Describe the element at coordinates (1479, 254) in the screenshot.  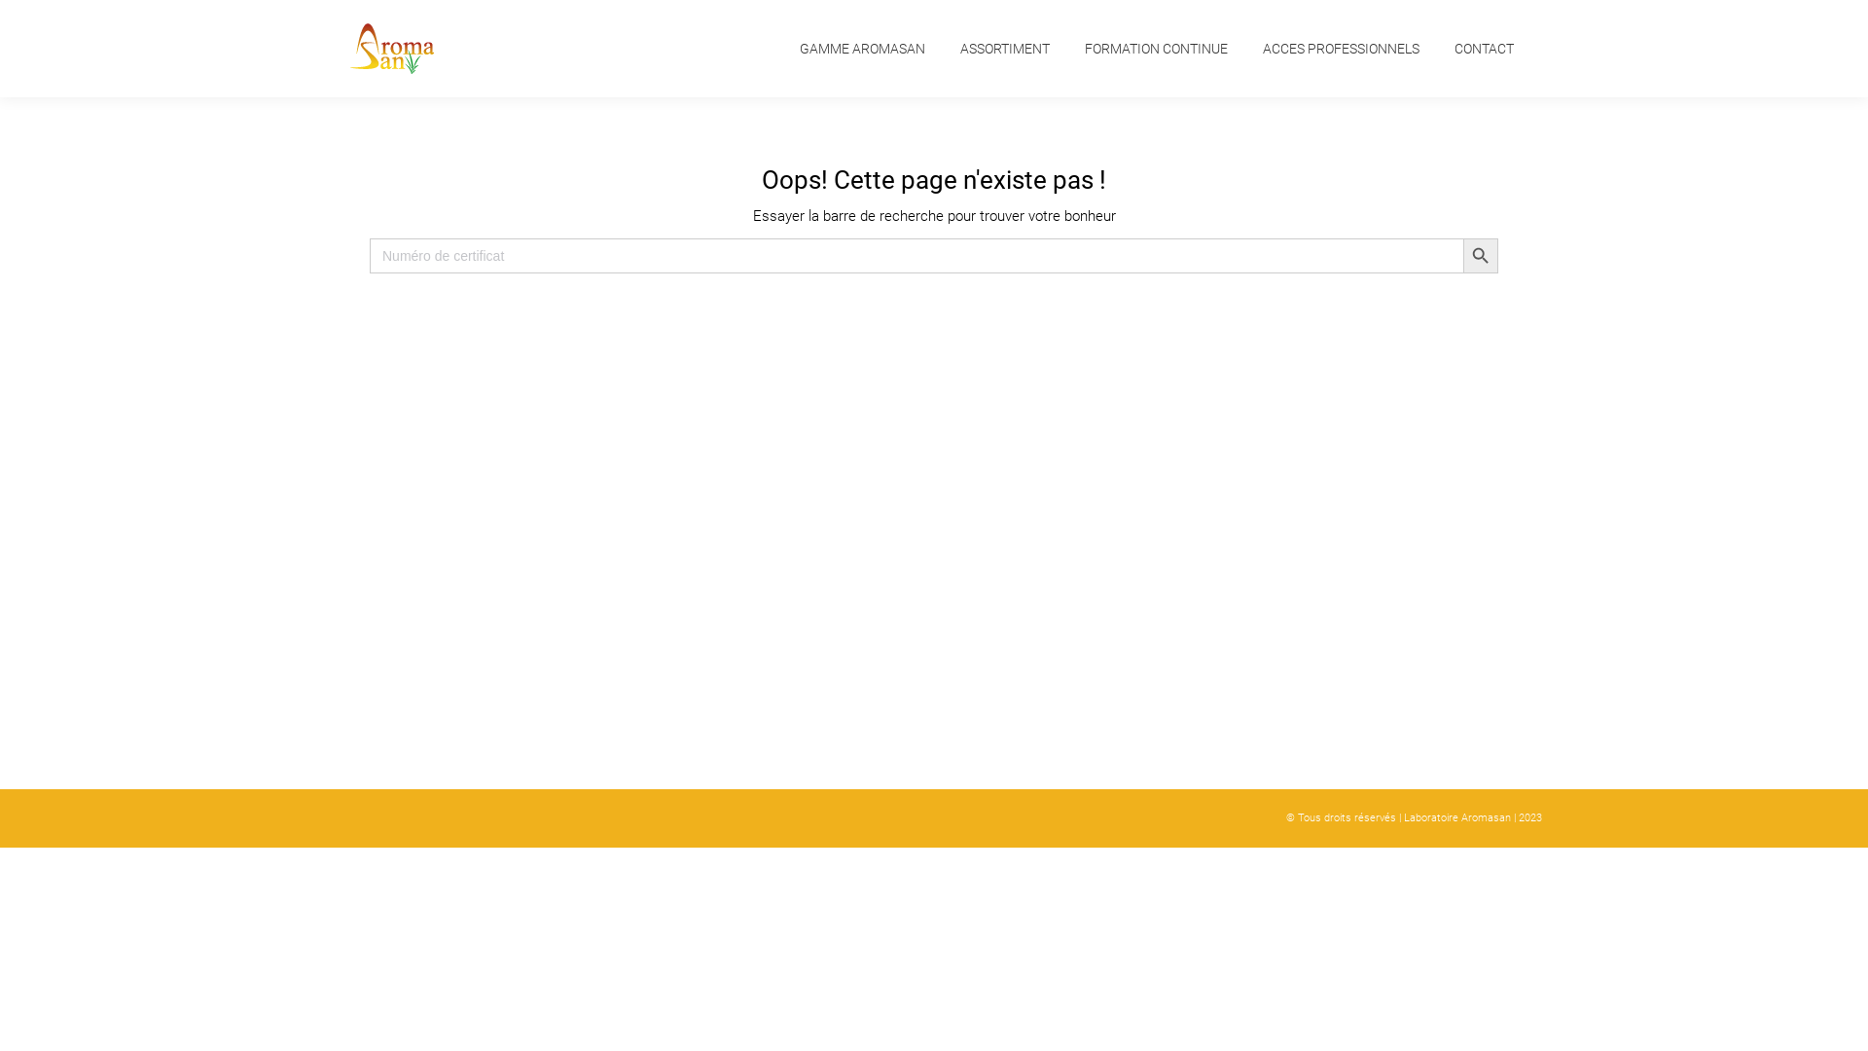
I see `'Search Button'` at that location.